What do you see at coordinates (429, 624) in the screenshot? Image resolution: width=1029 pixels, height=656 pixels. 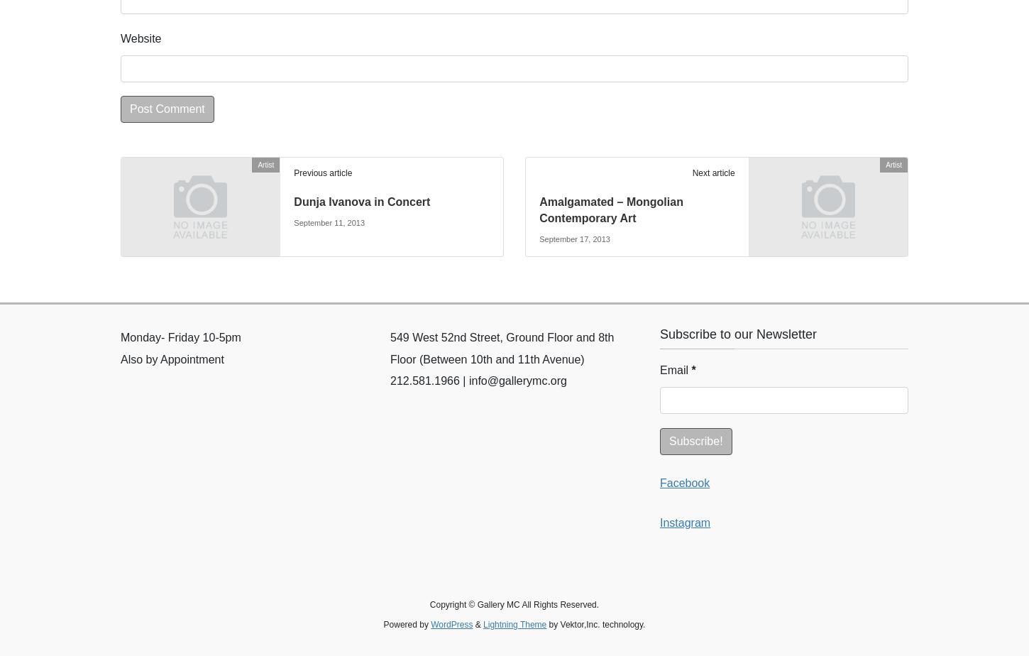 I see `'WordPress'` at bounding box center [429, 624].